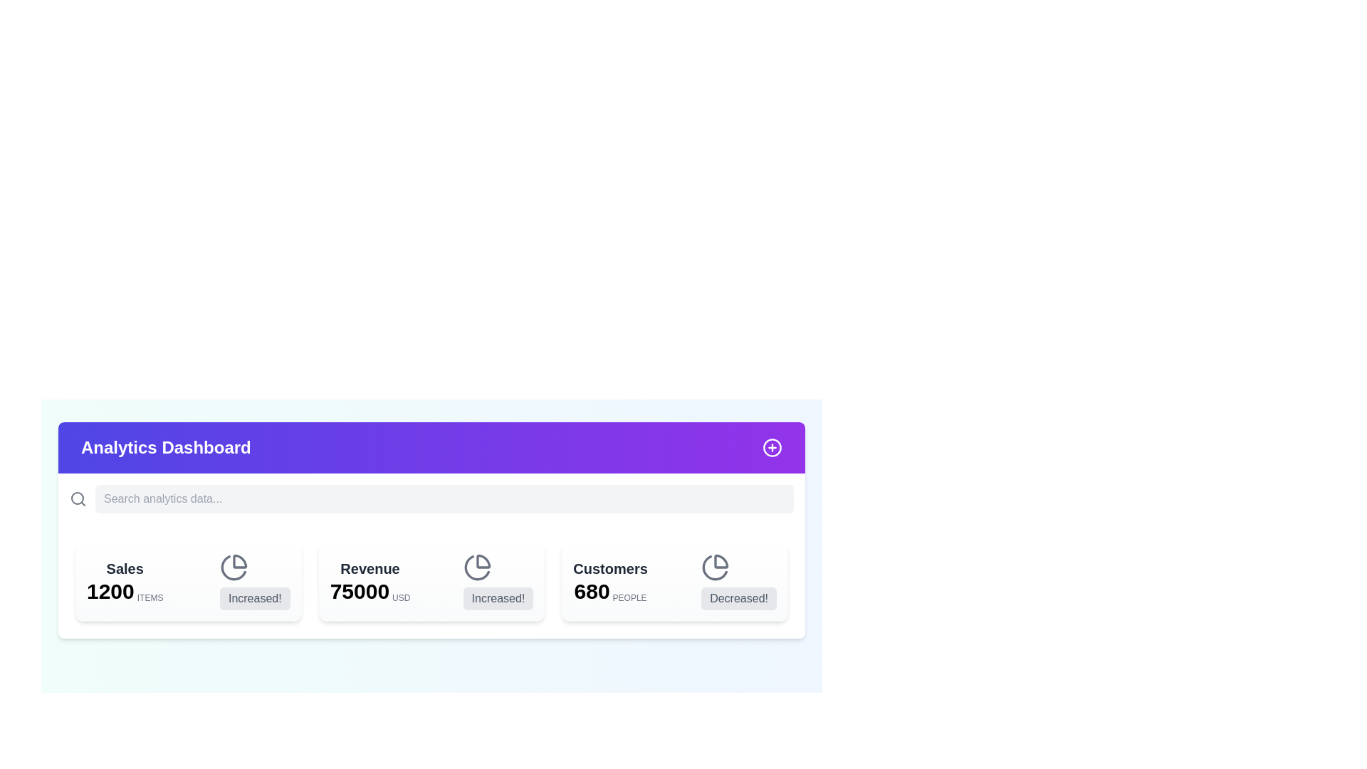 Image resolution: width=1367 pixels, height=769 pixels. Describe the element at coordinates (234, 567) in the screenshot. I see `the pie chart icon located in the top left corner of the 'Sales' card, adjacent to the '1200 ITEMS' text and the 'Increased!' label` at that location.